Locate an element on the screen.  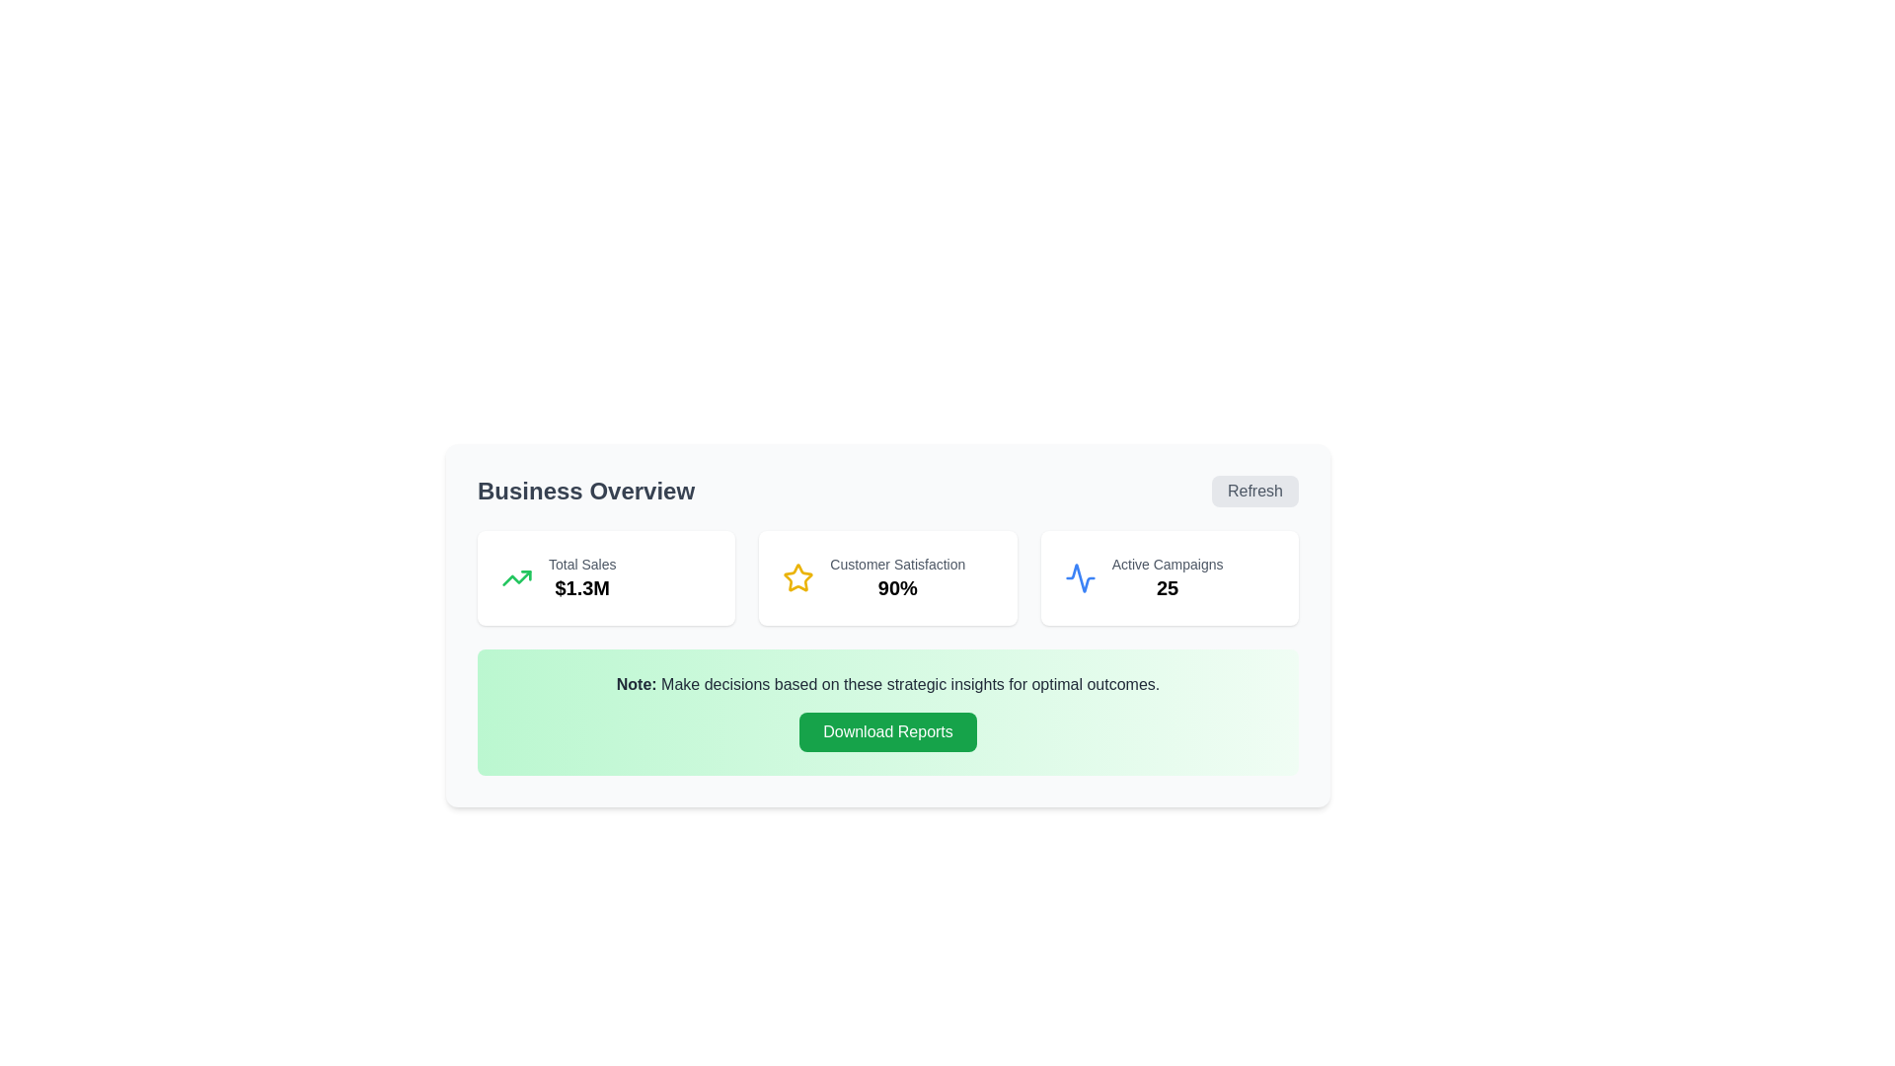
the static text label displaying 'Note:' with a light green background located in the upper-left section of the notification bar under 'Business Overview' is located at coordinates (637, 683).